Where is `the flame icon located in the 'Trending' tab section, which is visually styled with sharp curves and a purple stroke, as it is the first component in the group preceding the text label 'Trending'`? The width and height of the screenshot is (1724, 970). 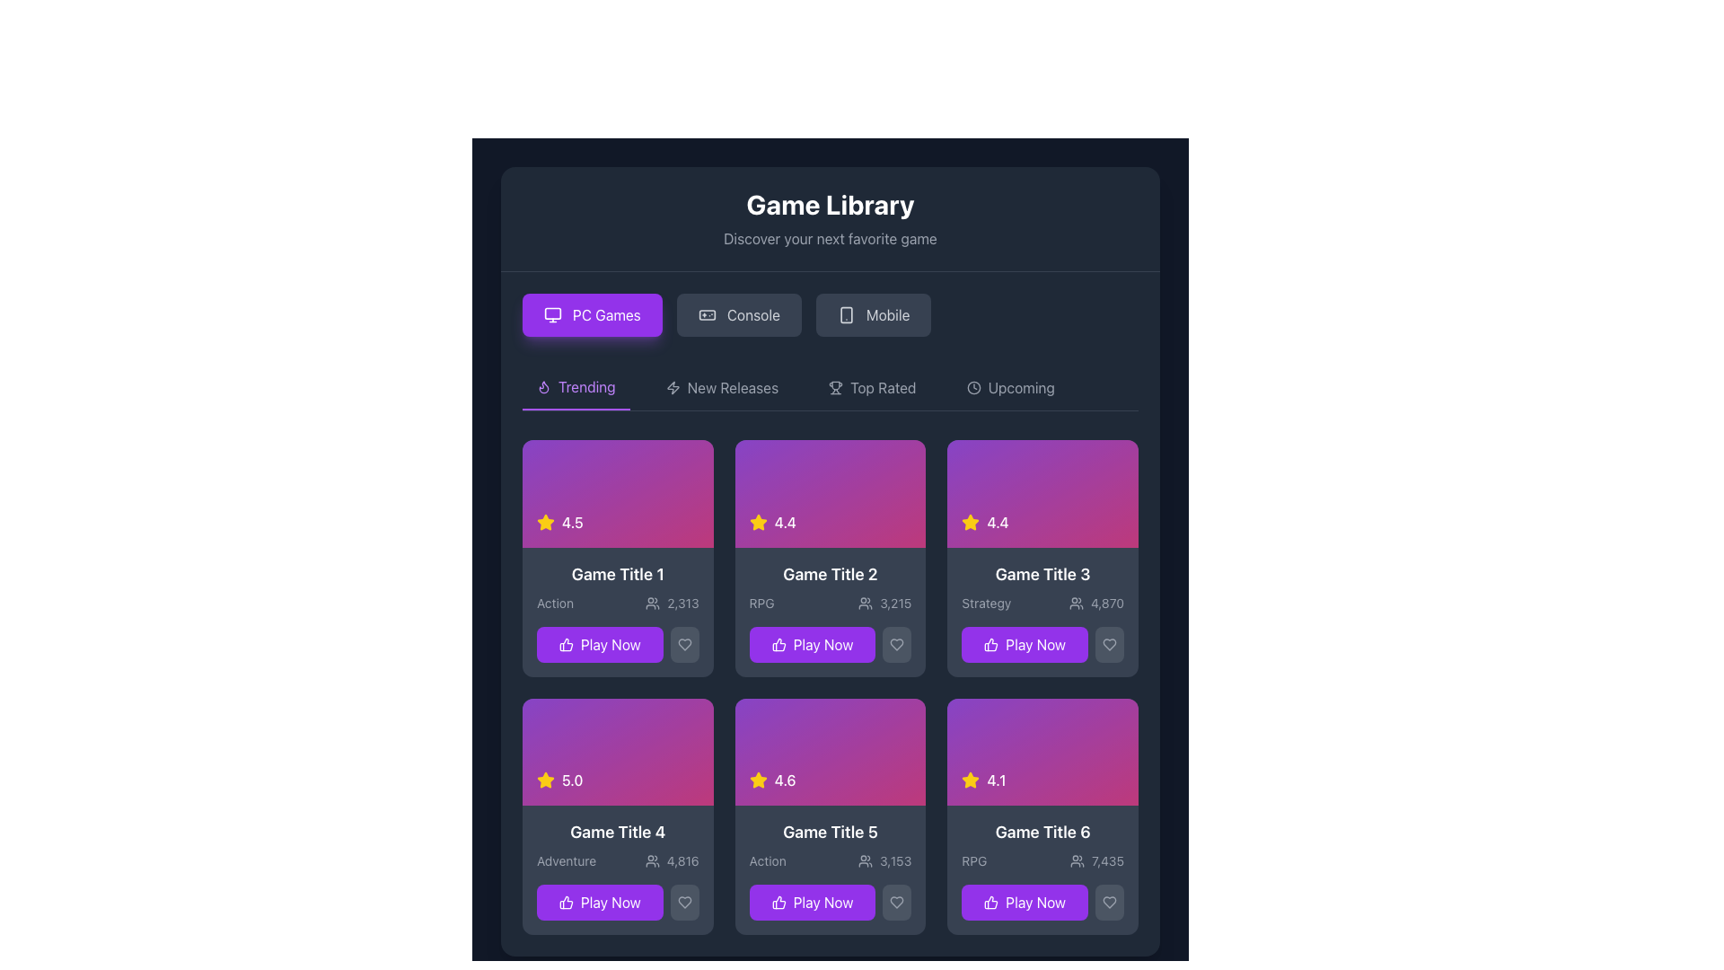
the flame icon located in the 'Trending' tab section, which is visually styled with sharp curves and a purple stroke, as it is the first component in the group preceding the text label 'Trending' is located at coordinates (542, 386).